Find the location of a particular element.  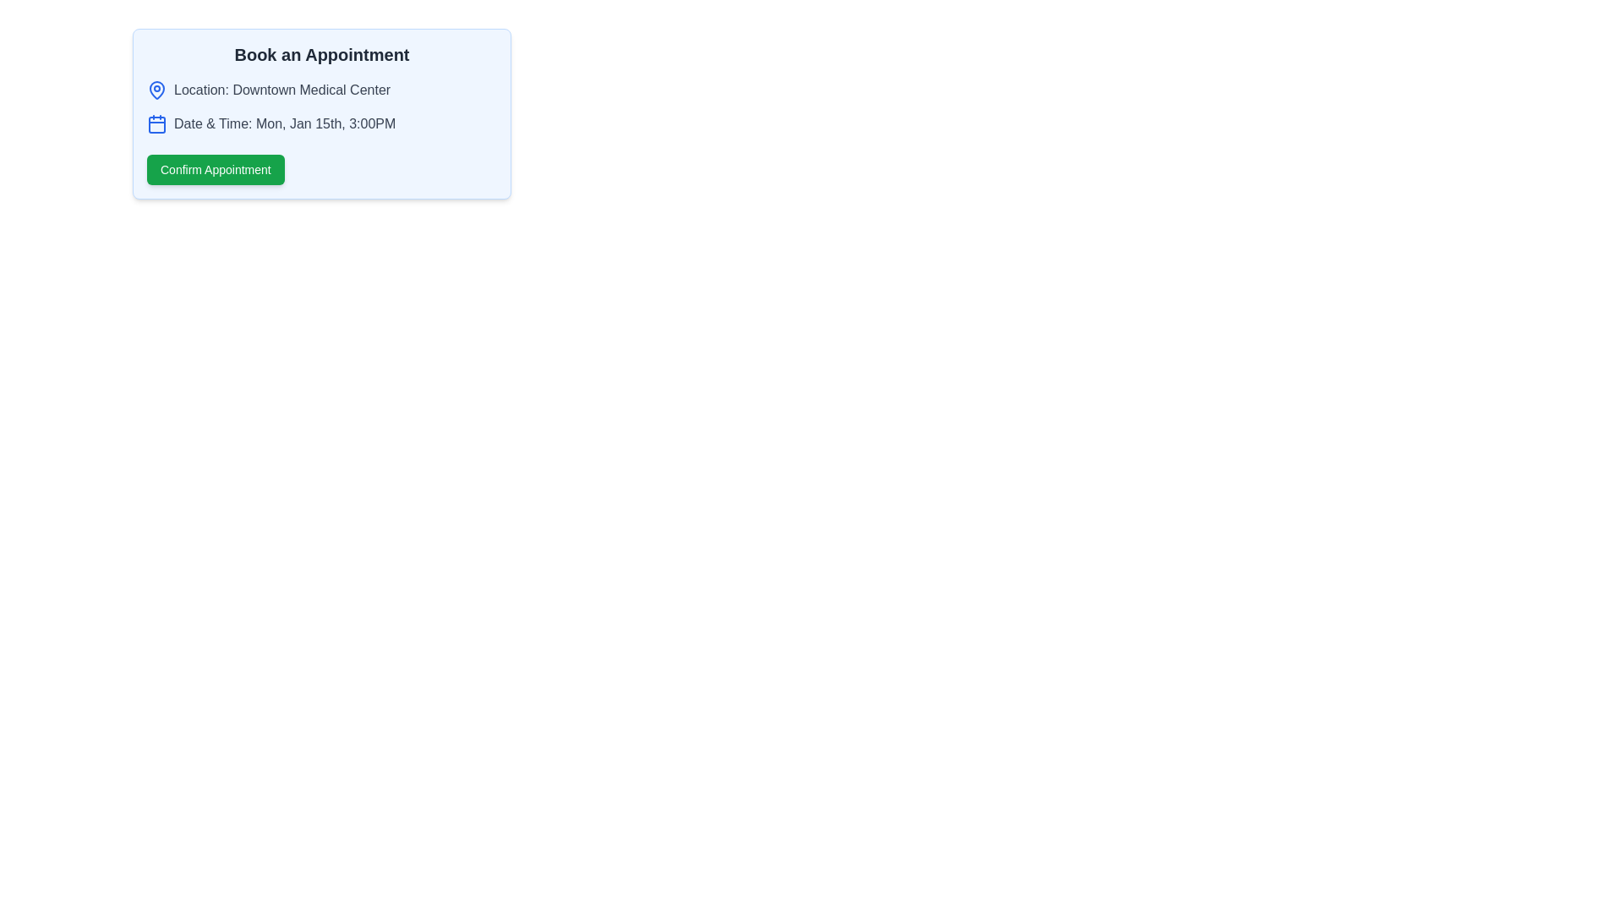

the Text Display element that shows 'Date & Time: Mon, Jan 15th, 3:00PM' with a gray text color, located next to a calendar icon is located at coordinates (285, 123).